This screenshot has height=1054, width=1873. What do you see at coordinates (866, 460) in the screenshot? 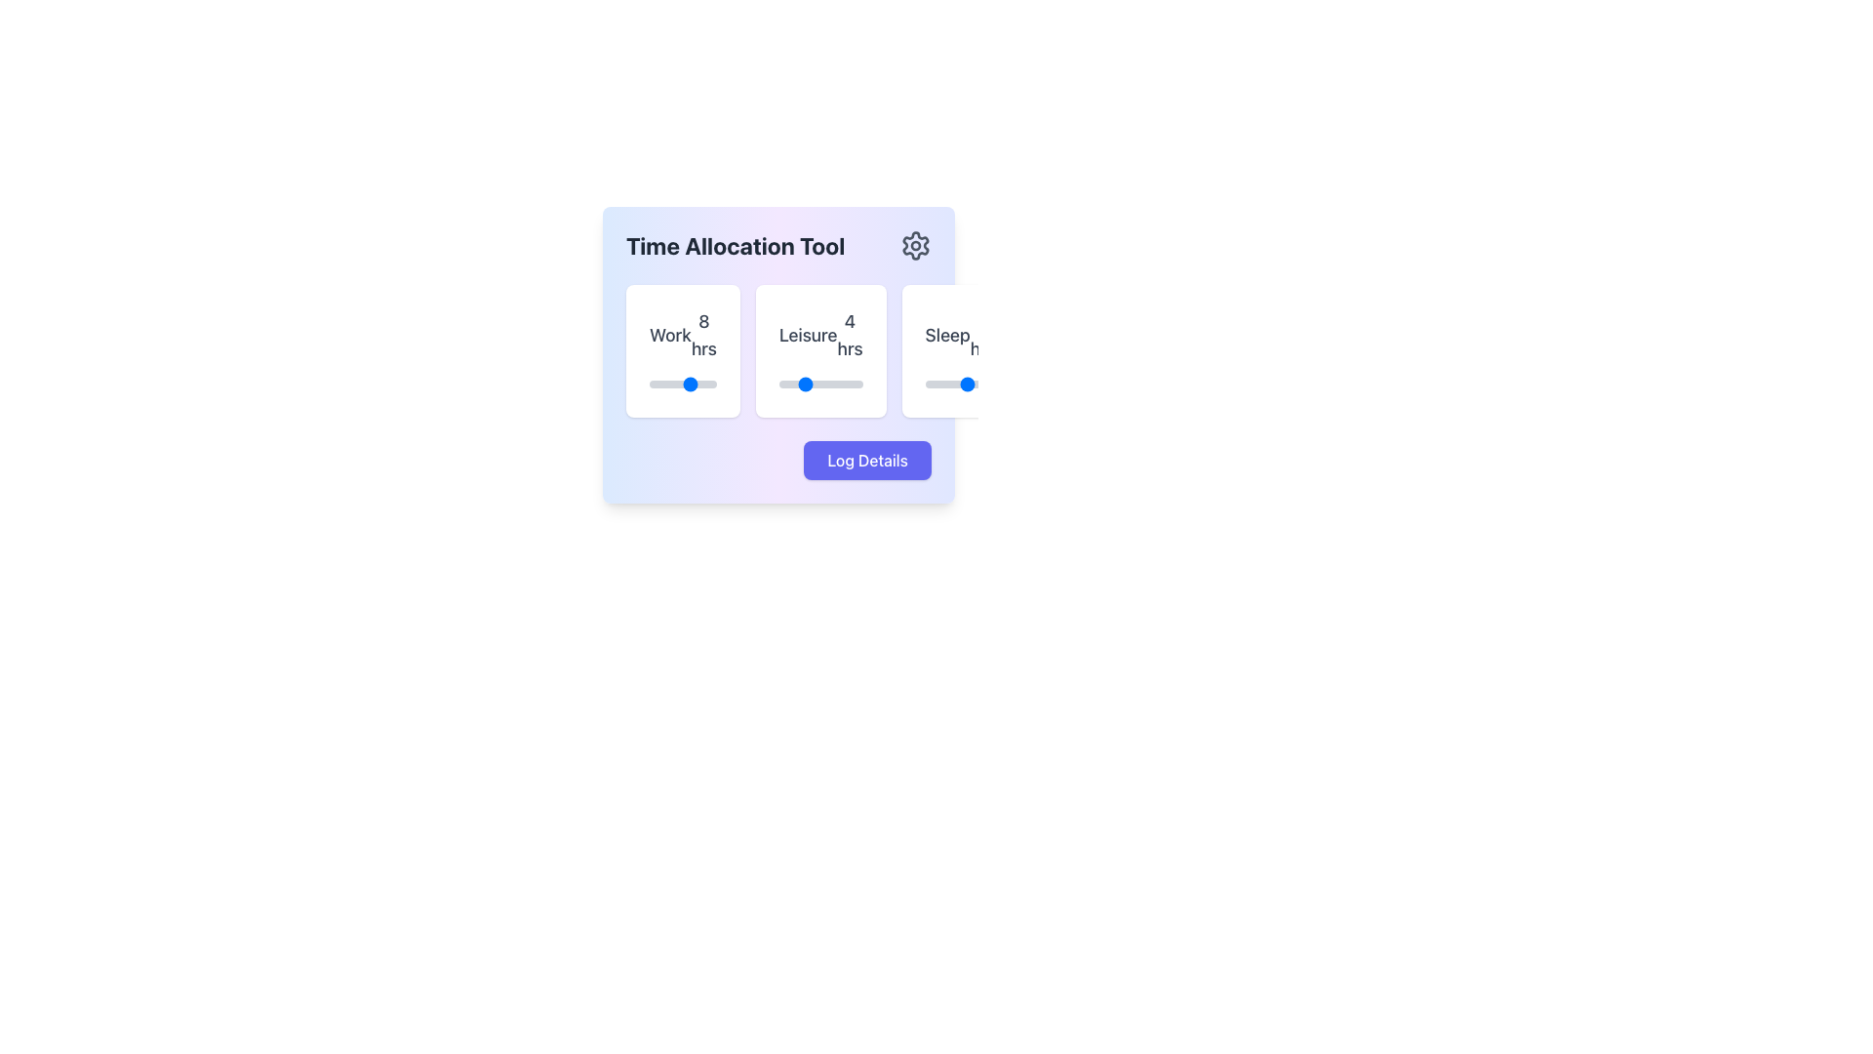
I see `the 'Log Details' button located at the bottom-right corner of the 'Time Allocation Tool' card` at bounding box center [866, 460].